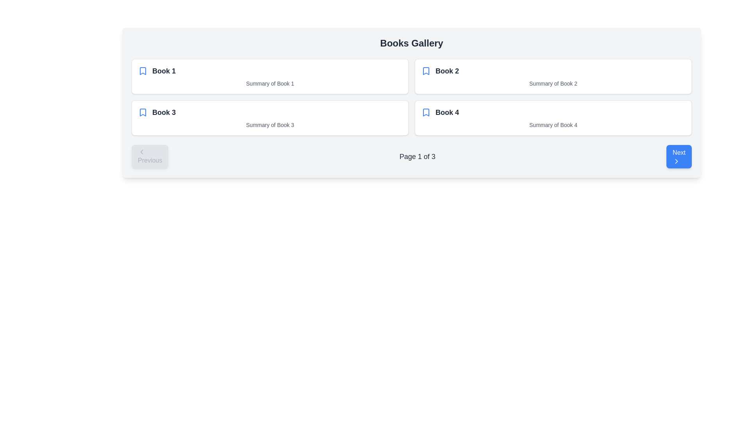 Image resolution: width=750 pixels, height=422 pixels. I want to click on the Card element that provides information about 'Book 3', located in the first column and second row of a 2x2 grid layout, so click(270, 118).